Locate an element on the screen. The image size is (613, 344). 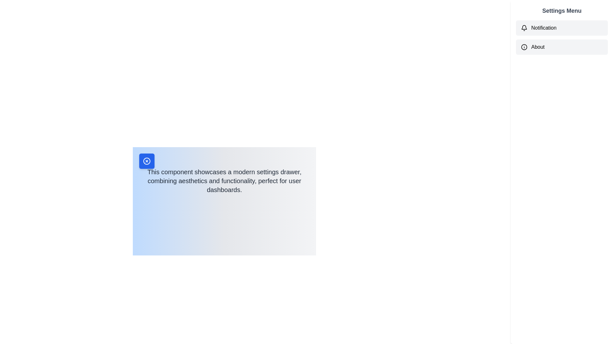
the circular information icon located in the left part of the 'About' section in the Settings Menu is located at coordinates (524, 47).